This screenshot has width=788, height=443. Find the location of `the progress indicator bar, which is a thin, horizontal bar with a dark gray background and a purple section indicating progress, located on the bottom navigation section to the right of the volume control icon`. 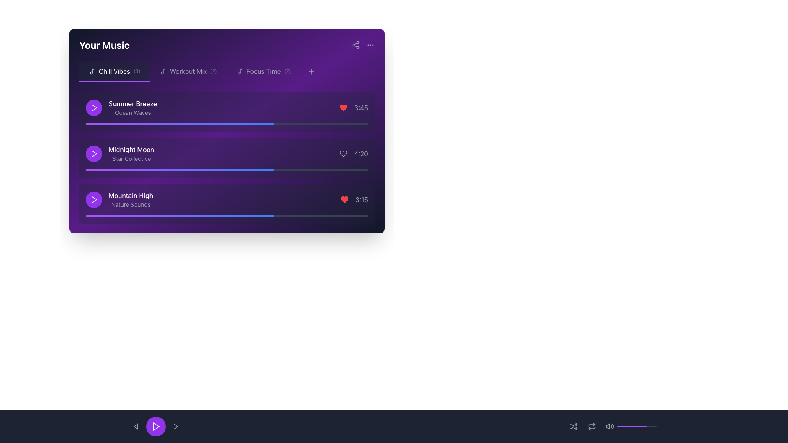

the progress indicator bar, which is a thin, horizontal bar with a dark gray background and a purple section indicating progress, located on the bottom navigation section to the right of the volume control icon is located at coordinates (636, 426).